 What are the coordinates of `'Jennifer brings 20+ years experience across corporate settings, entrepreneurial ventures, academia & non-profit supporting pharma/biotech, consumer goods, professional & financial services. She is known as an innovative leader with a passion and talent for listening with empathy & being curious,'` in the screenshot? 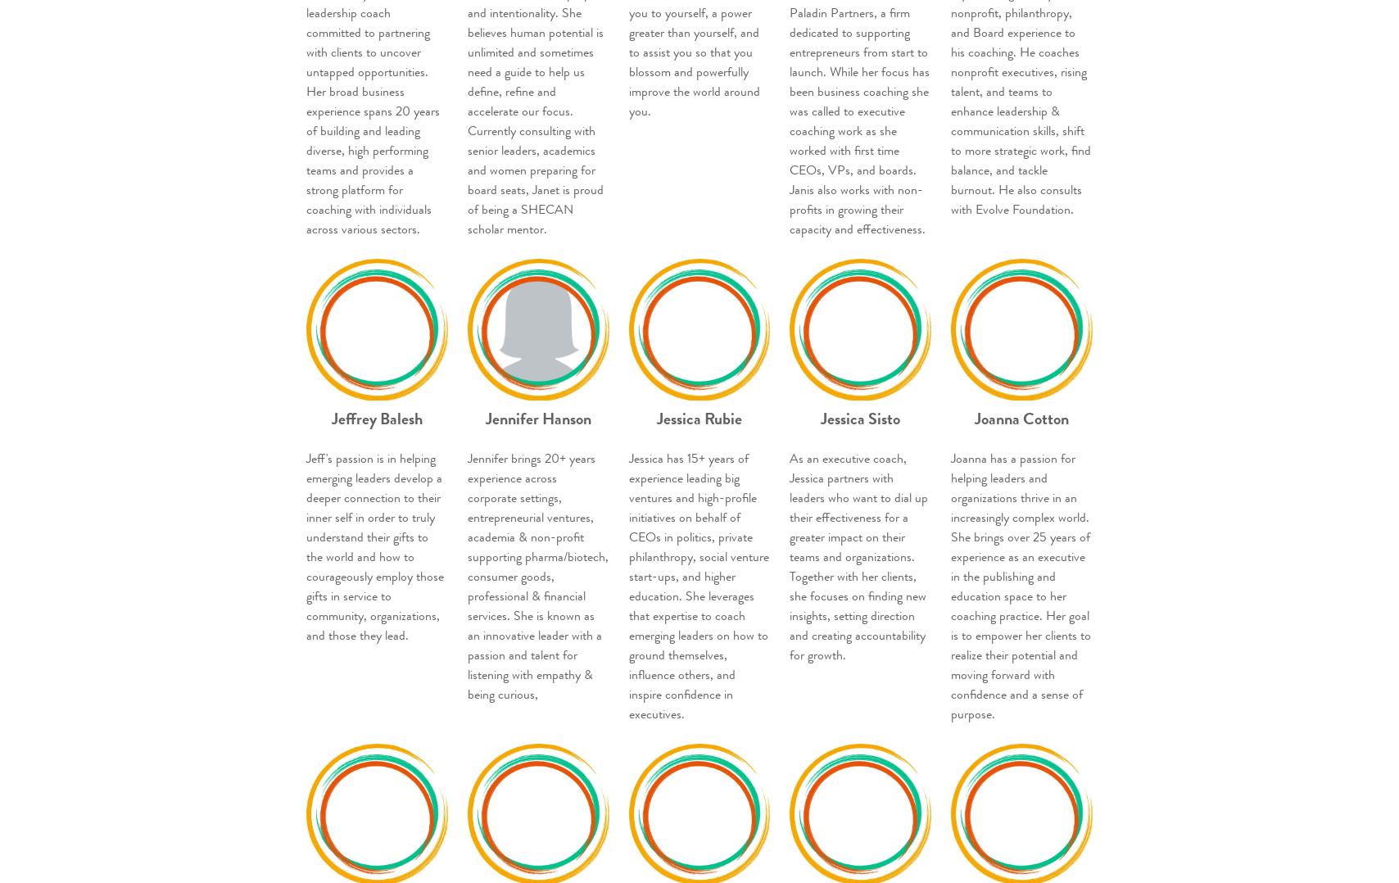 It's located at (537, 574).